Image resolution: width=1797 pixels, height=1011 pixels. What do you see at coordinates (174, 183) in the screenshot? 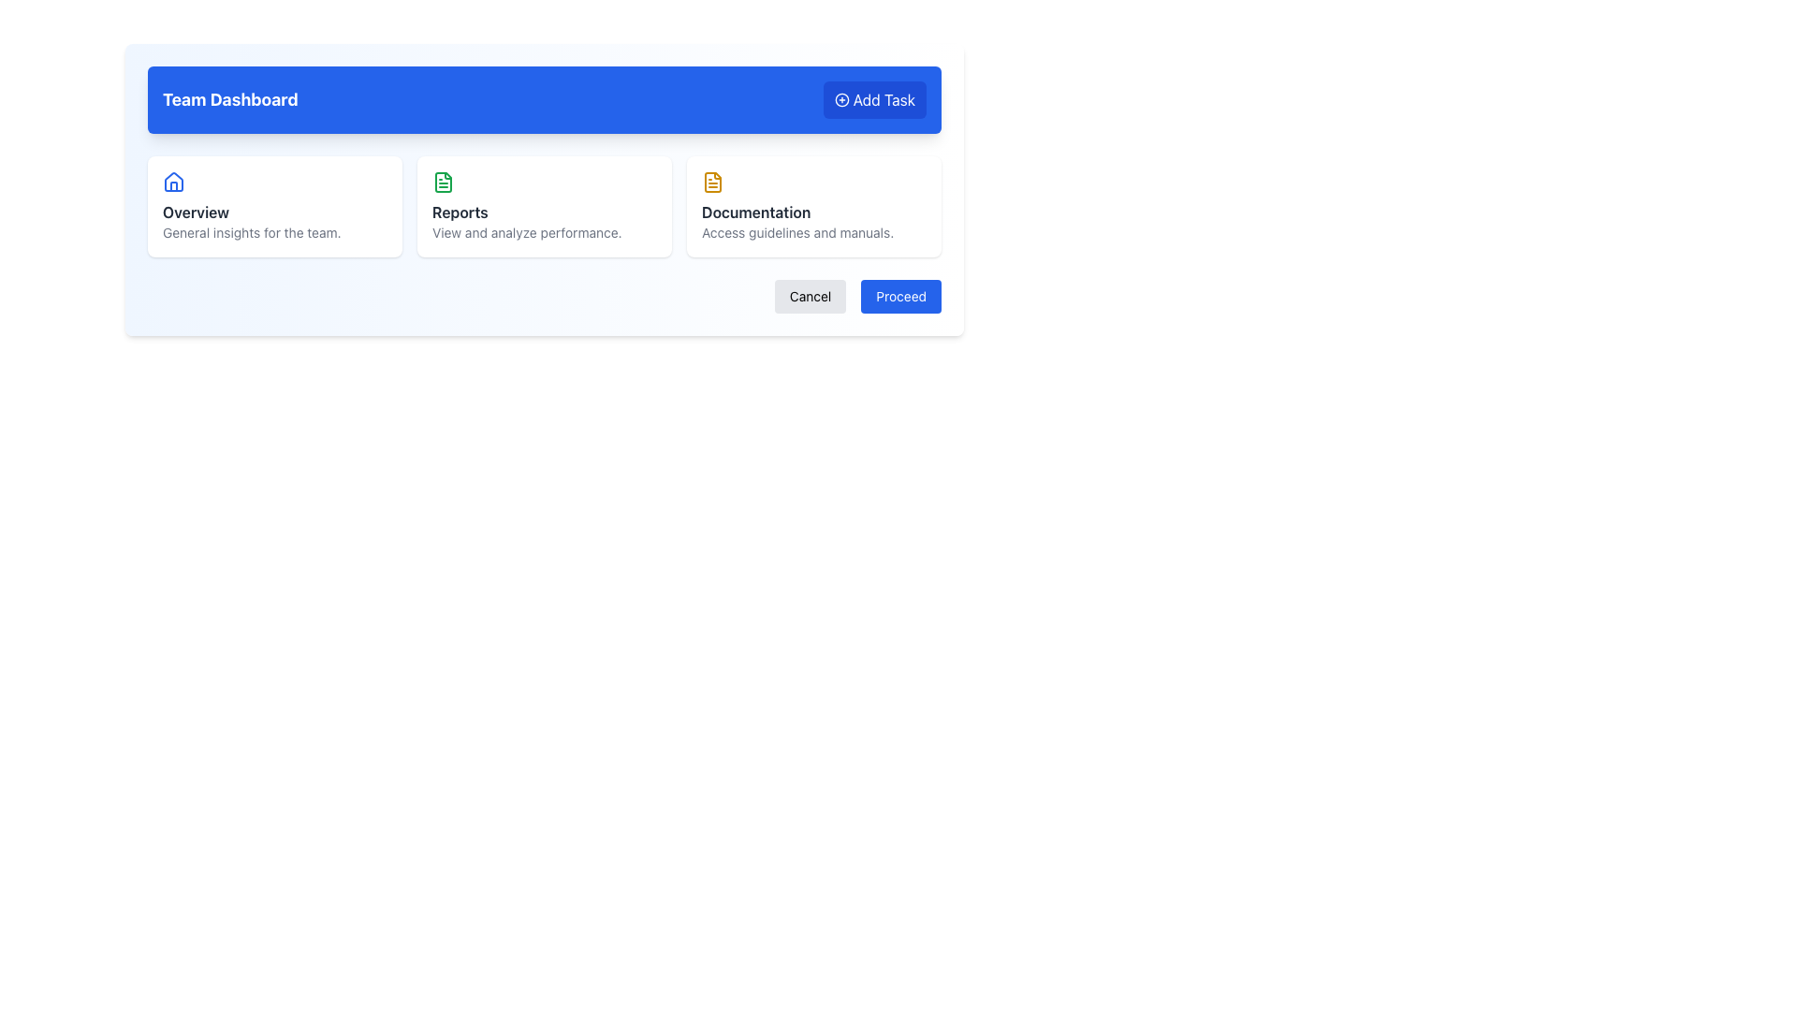
I see `the house icon located in the top-left corner of the 'Overview' card to use it as a reference for the associated section` at bounding box center [174, 183].